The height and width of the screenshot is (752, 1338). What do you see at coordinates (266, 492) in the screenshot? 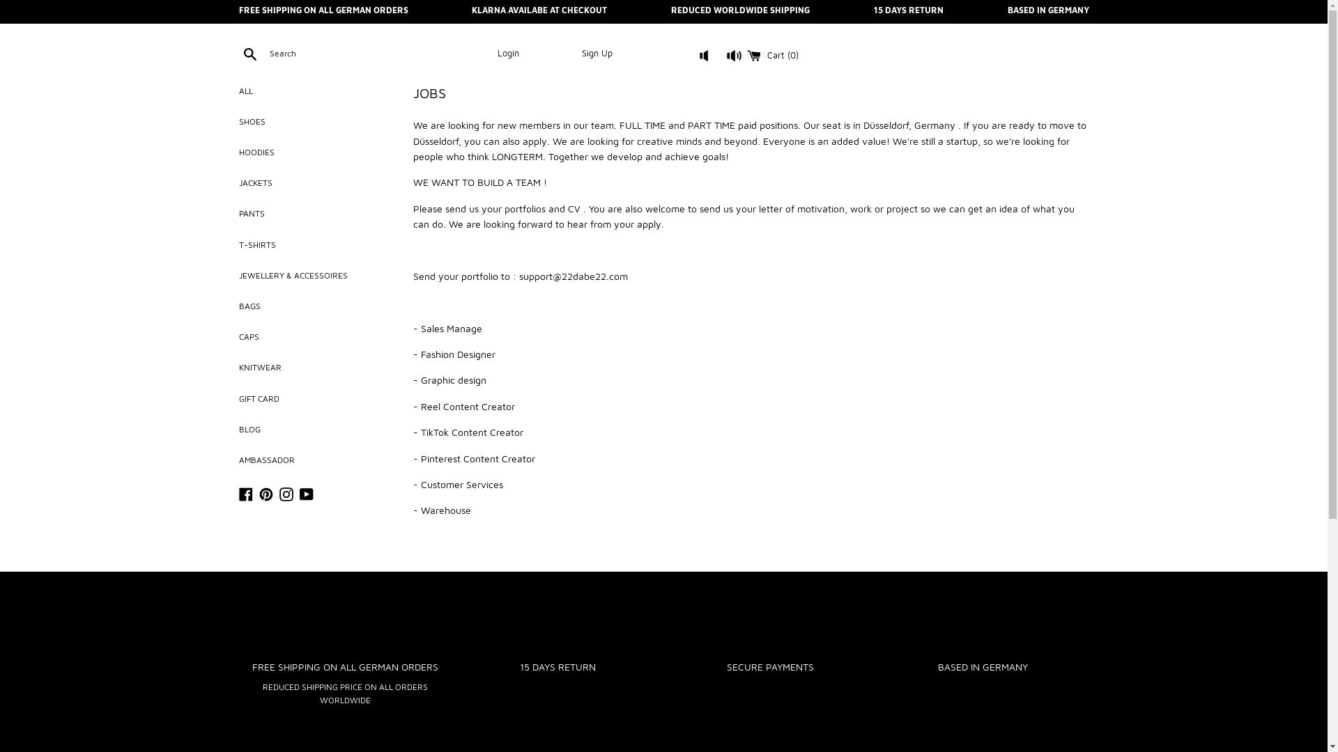
I see `'Pinterest'` at bounding box center [266, 492].